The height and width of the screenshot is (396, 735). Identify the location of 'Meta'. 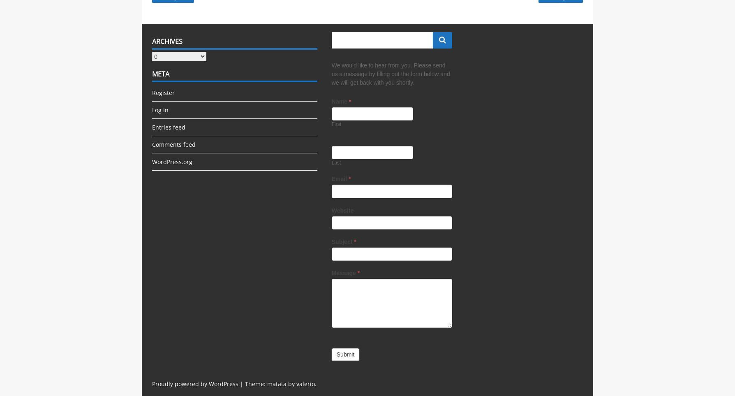
(160, 73).